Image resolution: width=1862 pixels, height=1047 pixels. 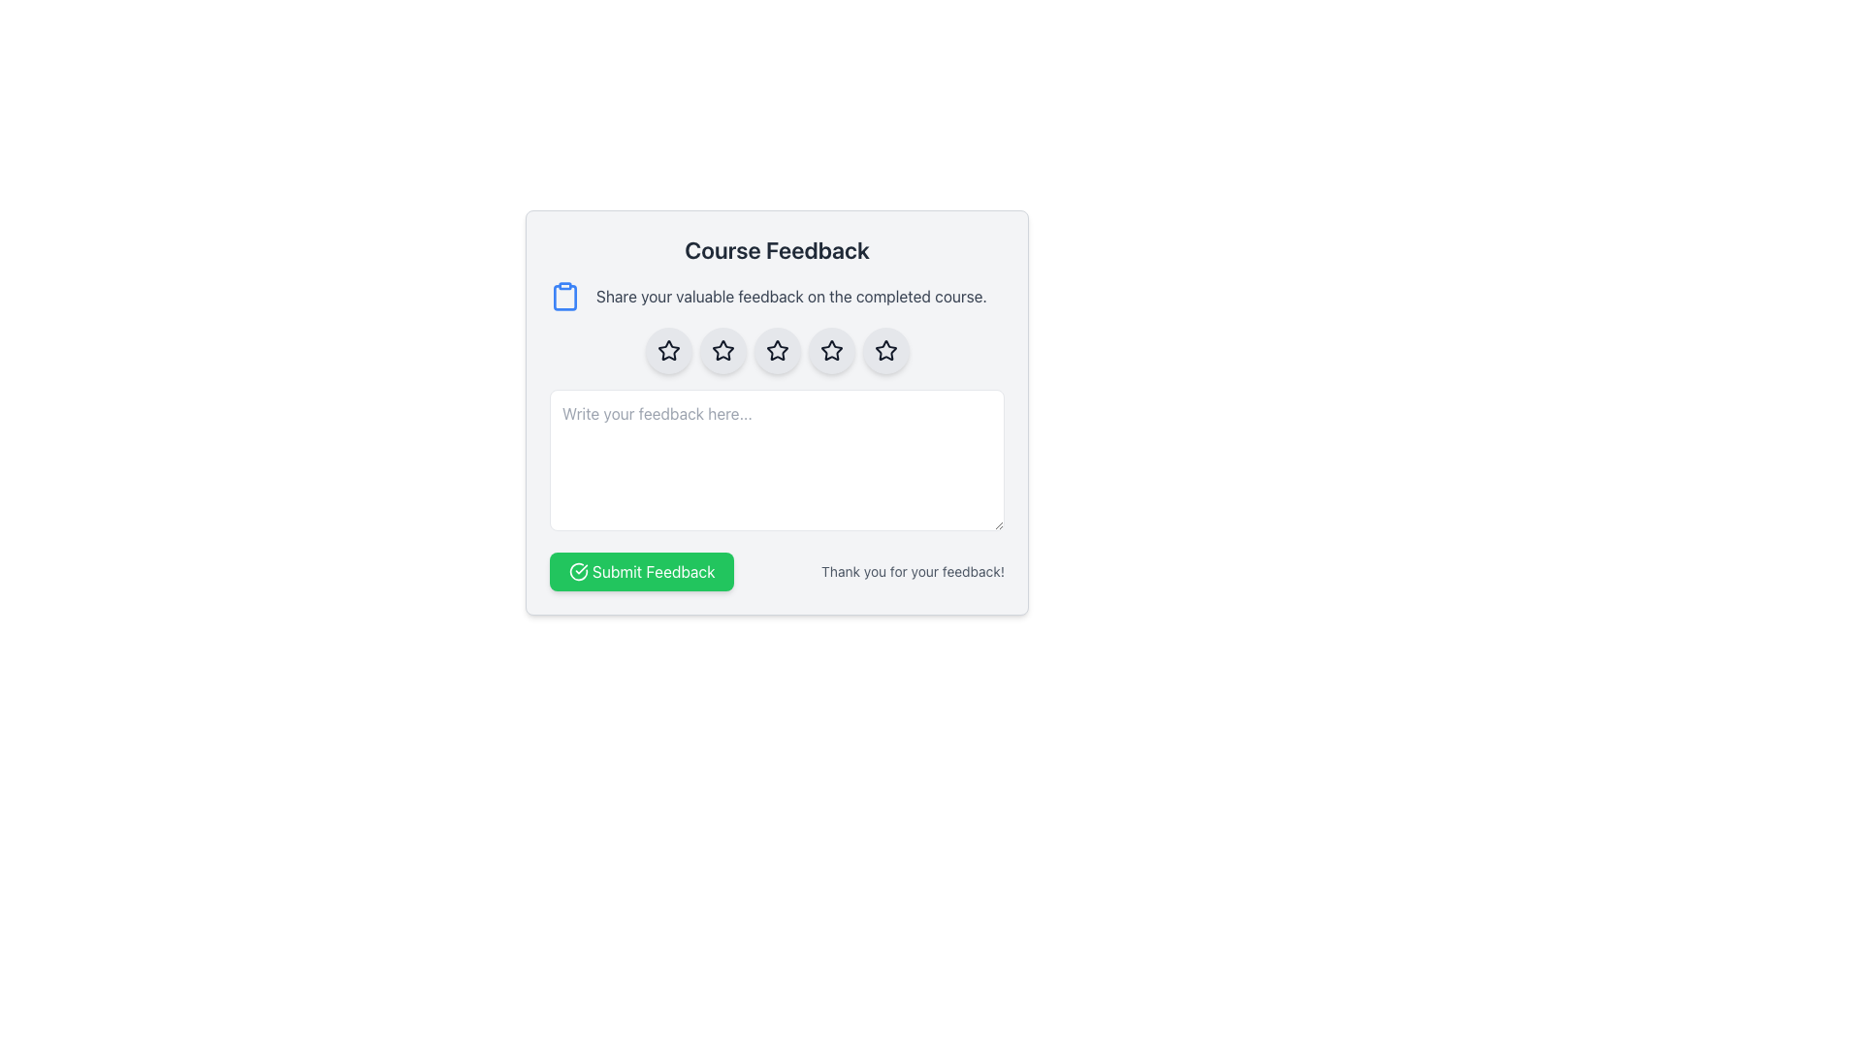 What do you see at coordinates (777, 571) in the screenshot?
I see `the green 'Submit Feedback' button on the left side of the Composite UI element` at bounding box center [777, 571].